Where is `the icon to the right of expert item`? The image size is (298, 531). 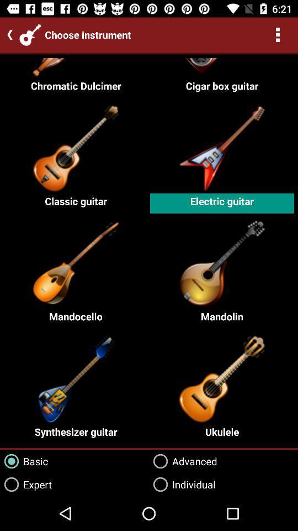
the icon to the right of expert item is located at coordinates (183, 461).